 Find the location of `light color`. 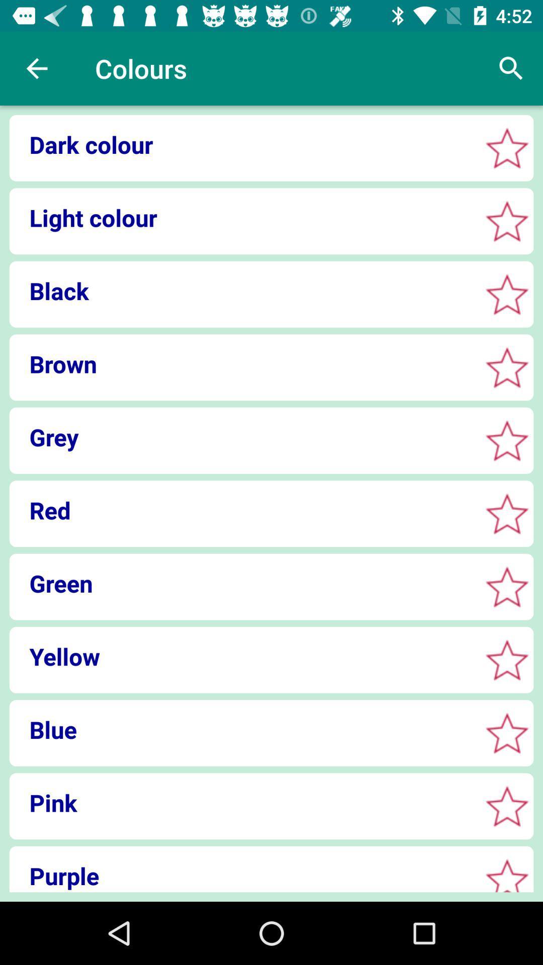

light color is located at coordinates (507, 221).